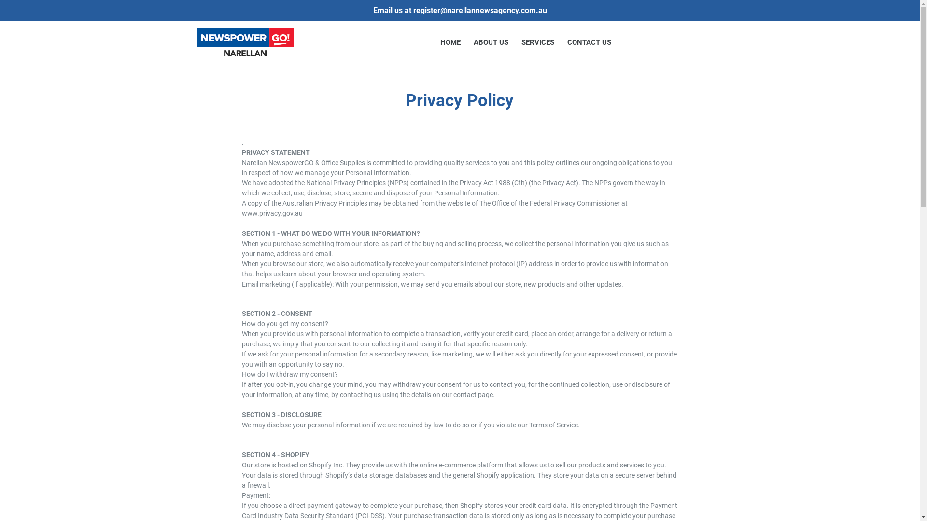 This screenshot has width=927, height=521. What do you see at coordinates (449, 42) in the screenshot?
I see `'HOME'` at bounding box center [449, 42].